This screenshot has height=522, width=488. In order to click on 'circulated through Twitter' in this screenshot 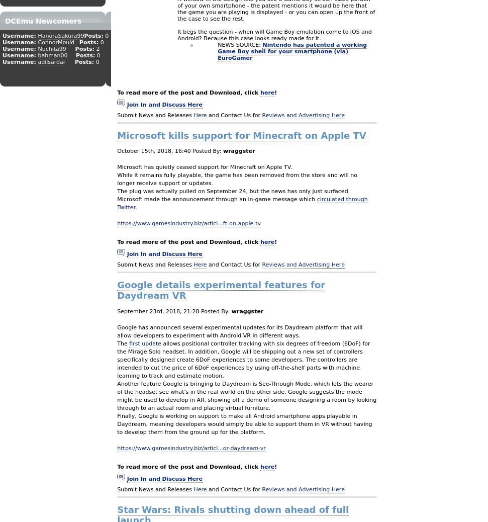, I will do `click(242, 203)`.